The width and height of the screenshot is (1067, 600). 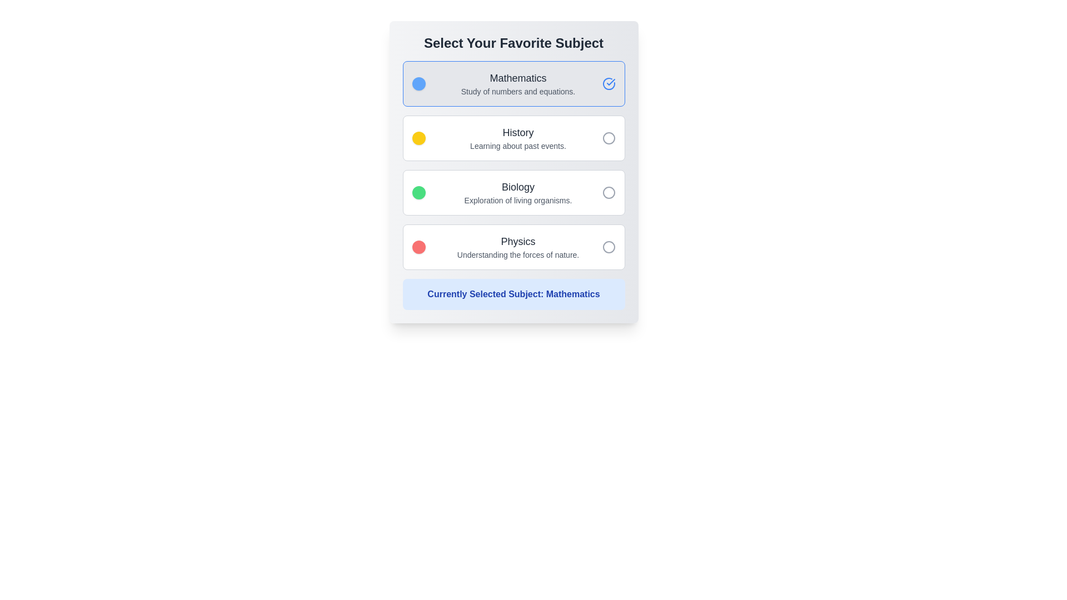 What do you see at coordinates (517, 83) in the screenshot?
I see `the Text block containing the title 'Mathematics' and the subtitle 'Study of numbers and equations', which is located within the first card of the vertically-stacked list` at bounding box center [517, 83].